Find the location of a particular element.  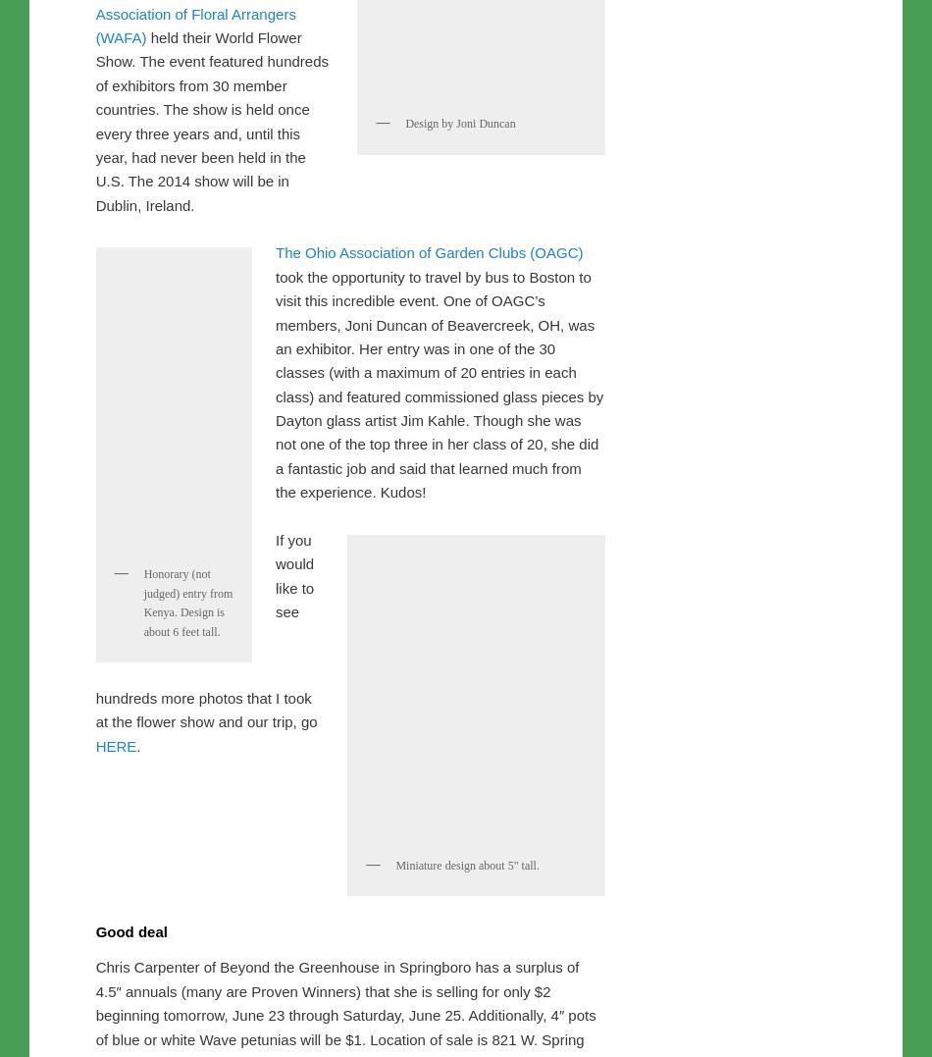

'The Ohio Association of Garden Clubs (OAGC)' is located at coordinates (275, 662).